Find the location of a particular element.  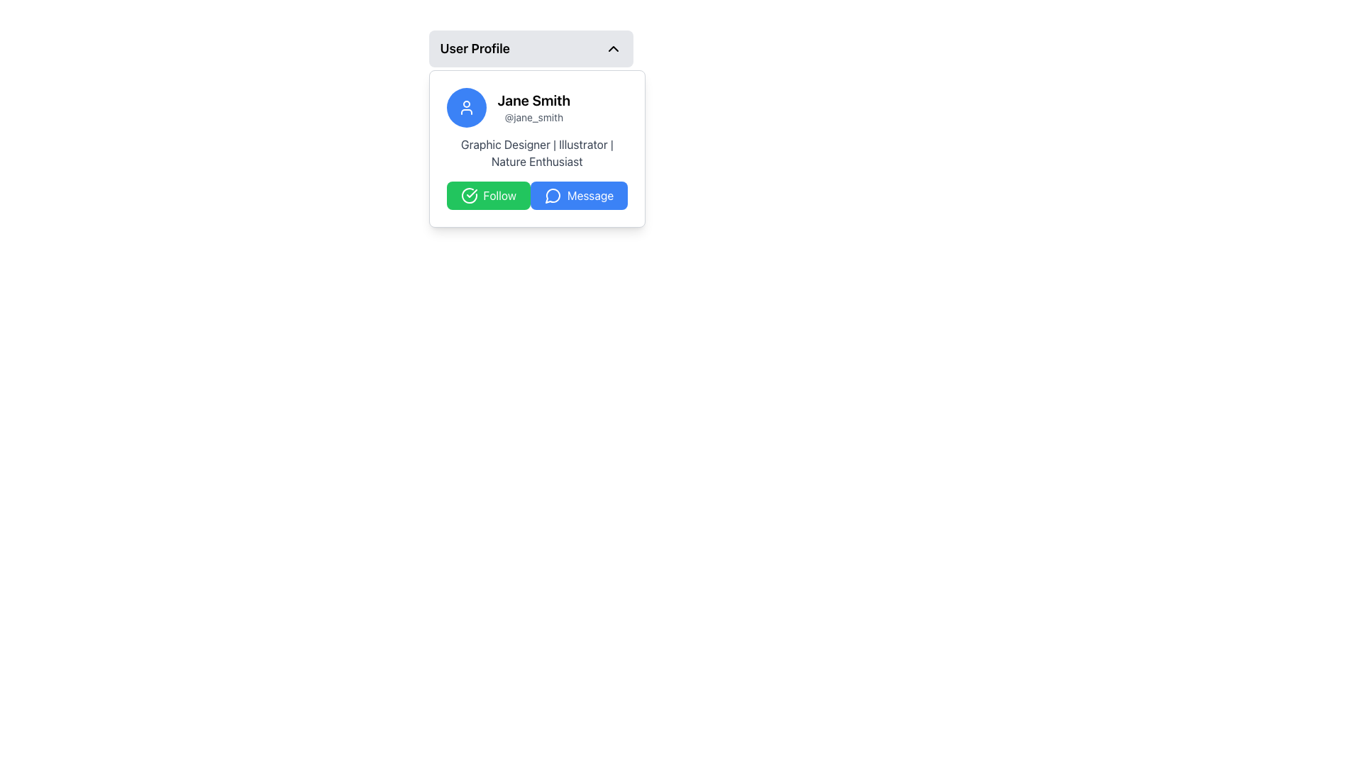

the text label displaying the username '@jane_smith', which is positioned beneath the name 'Jane Smith' in the user profile card is located at coordinates (533, 116).